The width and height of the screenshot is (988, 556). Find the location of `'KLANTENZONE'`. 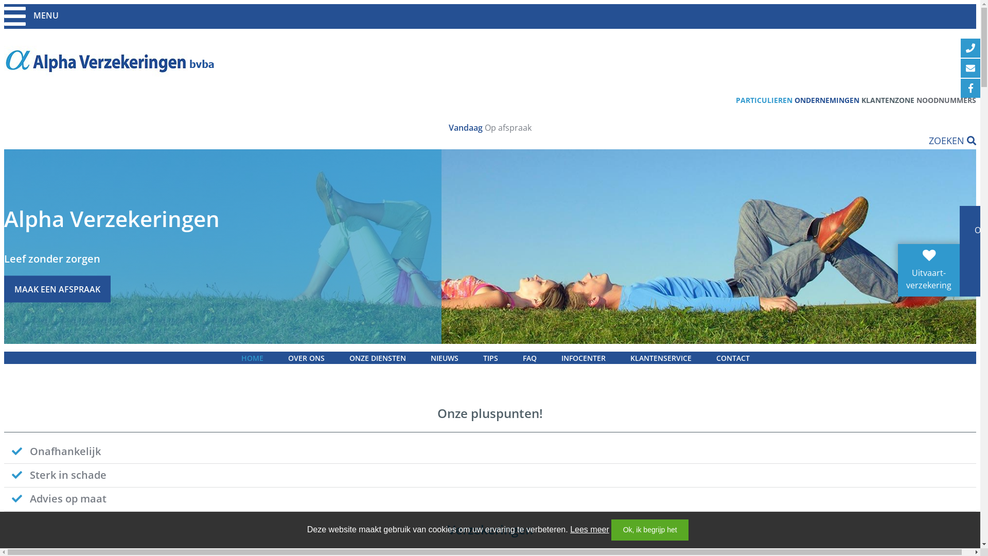

'KLANTENZONE' is located at coordinates (887, 100).